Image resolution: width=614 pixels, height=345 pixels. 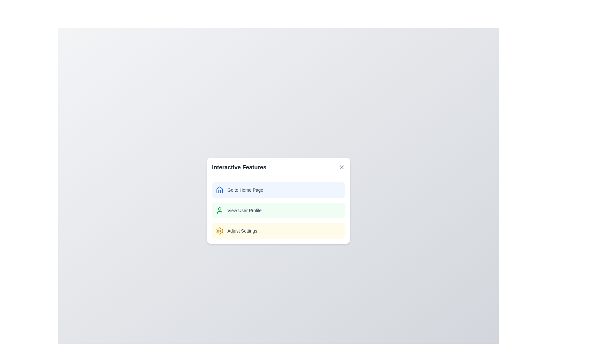 What do you see at coordinates (342, 167) in the screenshot?
I see `the close icon (X) located in the top-right corner of the 'Interactive Features' card` at bounding box center [342, 167].